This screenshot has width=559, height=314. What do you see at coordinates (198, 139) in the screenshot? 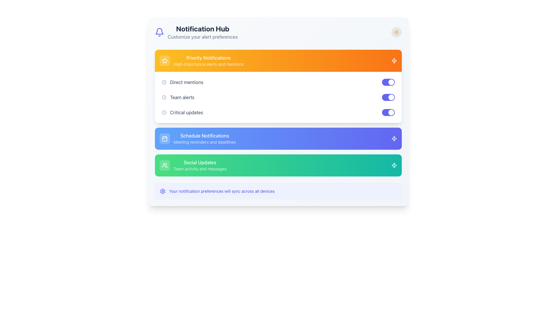
I see `the 'Schedule Notifications' list item, which is the second item in the notification options` at bounding box center [198, 139].